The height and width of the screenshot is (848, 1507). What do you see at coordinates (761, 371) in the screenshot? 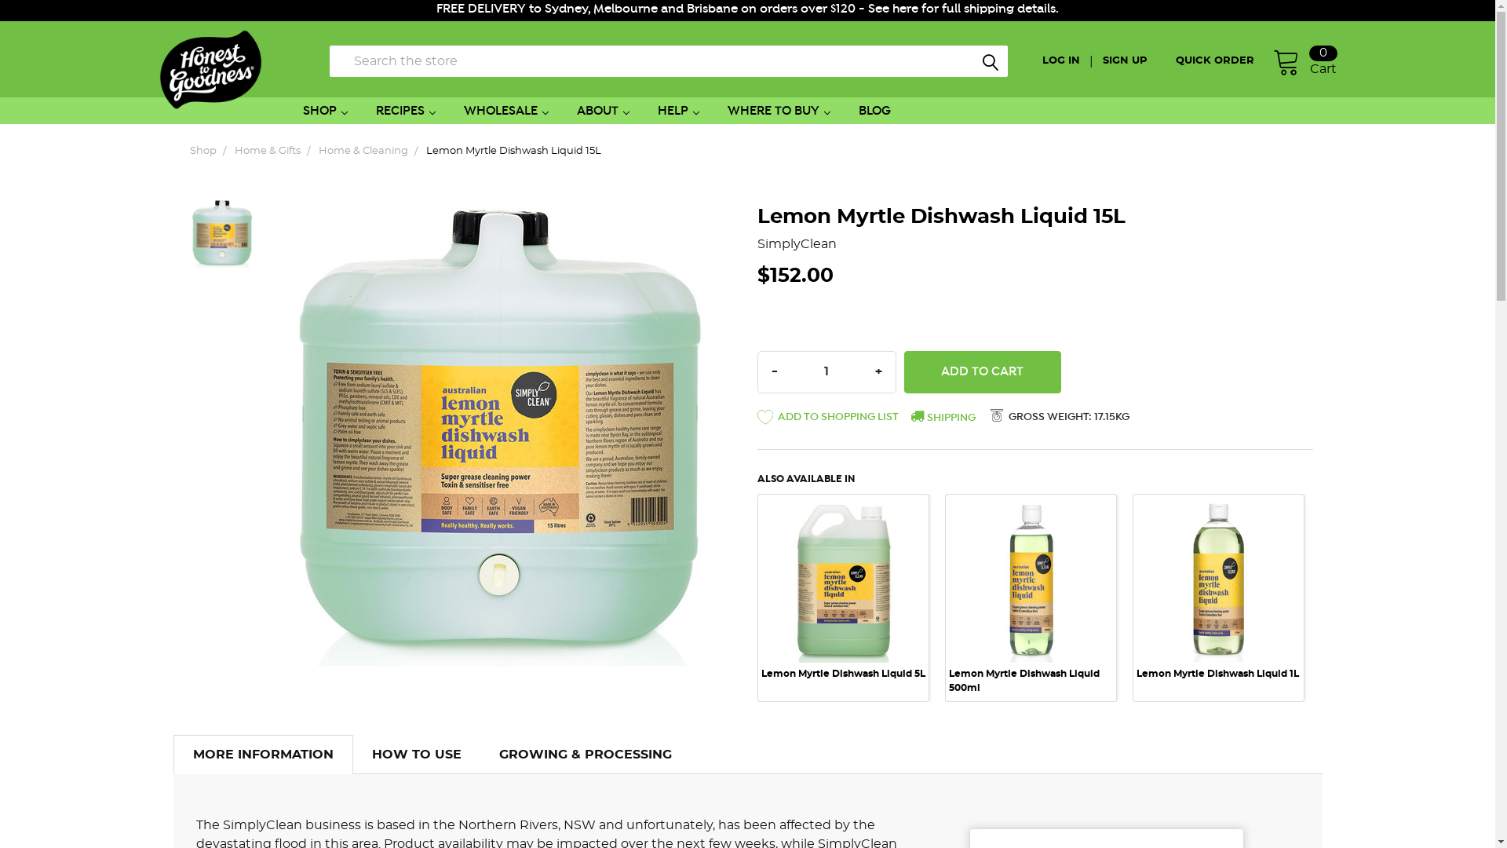
I see `'DECREASE QUANTITY:` at bounding box center [761, 371].